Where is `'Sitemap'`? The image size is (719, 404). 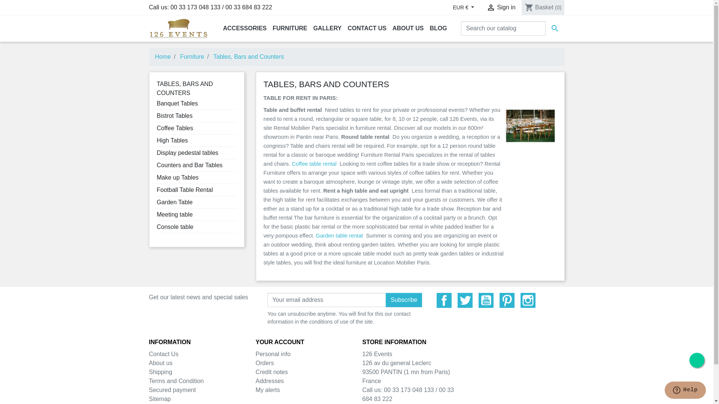 'Sitemap' is located at coordinates (160, 398).